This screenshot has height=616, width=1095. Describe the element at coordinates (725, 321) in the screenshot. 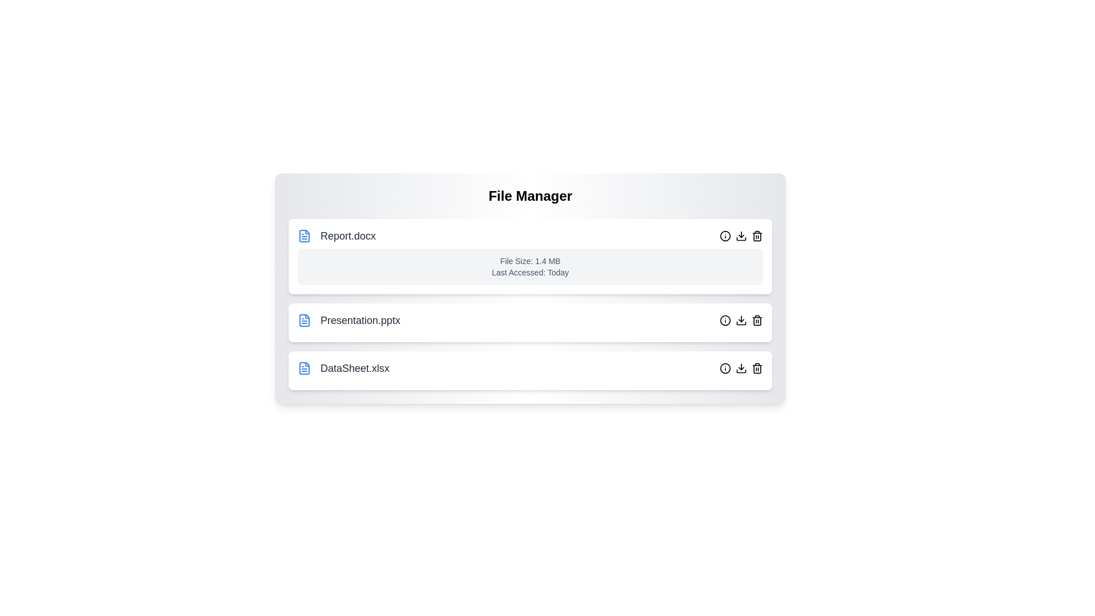

I see `'info' button for the file named Presentation.pptx to toggle its details` at that location.